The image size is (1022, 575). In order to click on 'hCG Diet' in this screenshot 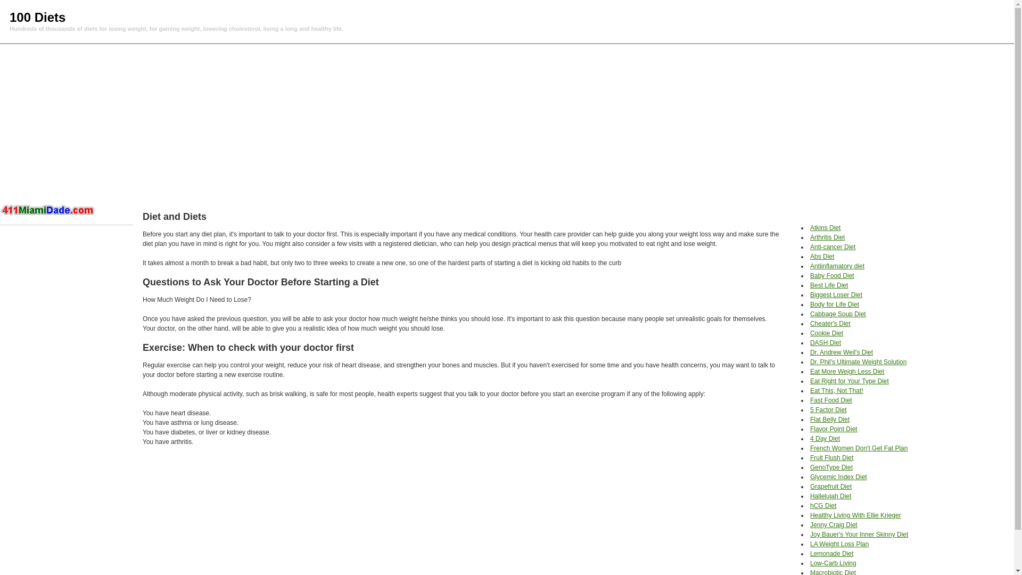, I will do `click(822, 505)`.